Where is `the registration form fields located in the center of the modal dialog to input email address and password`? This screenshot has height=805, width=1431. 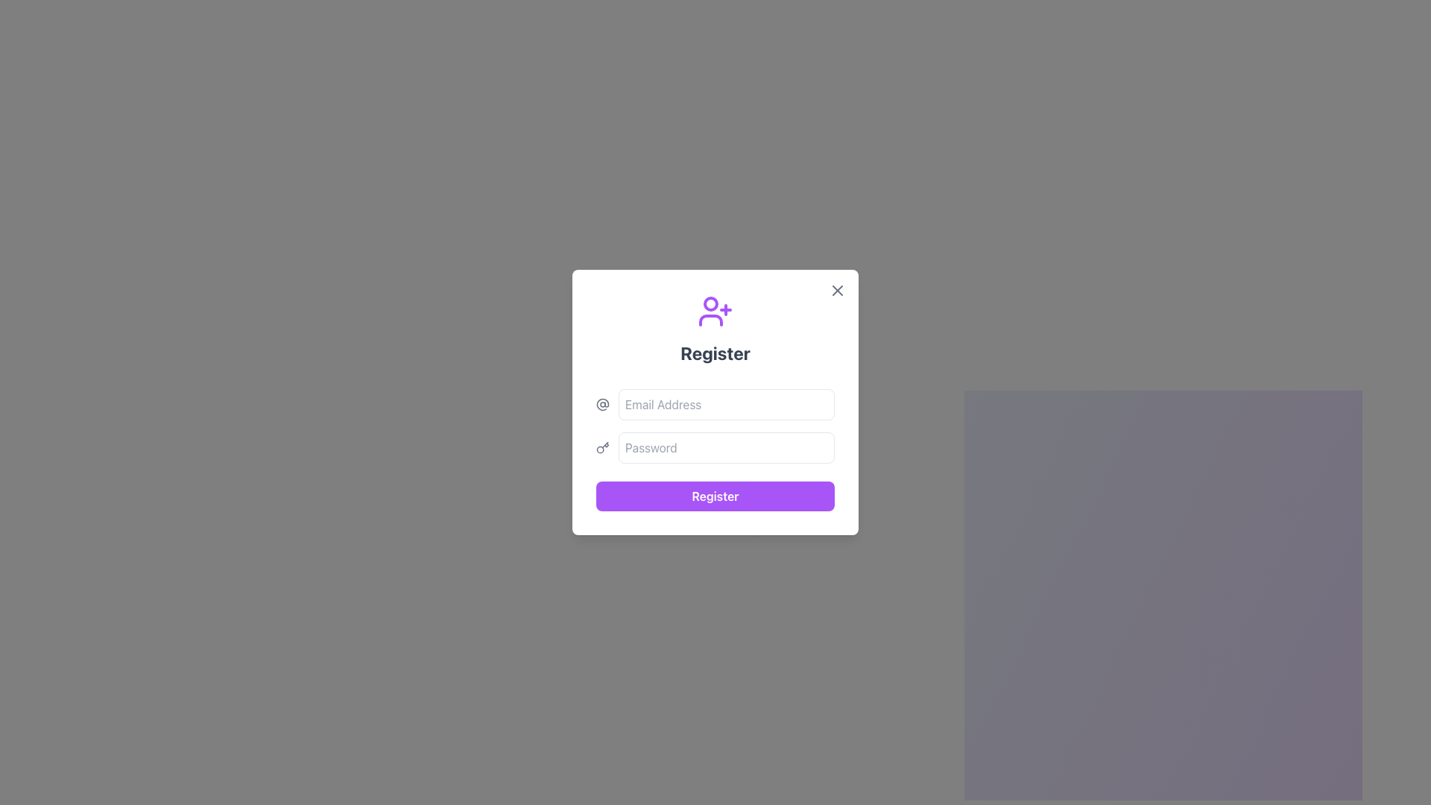 the registration form fields located in the center of the modal dialog to input email address and password is located at coordinates (715, 402).